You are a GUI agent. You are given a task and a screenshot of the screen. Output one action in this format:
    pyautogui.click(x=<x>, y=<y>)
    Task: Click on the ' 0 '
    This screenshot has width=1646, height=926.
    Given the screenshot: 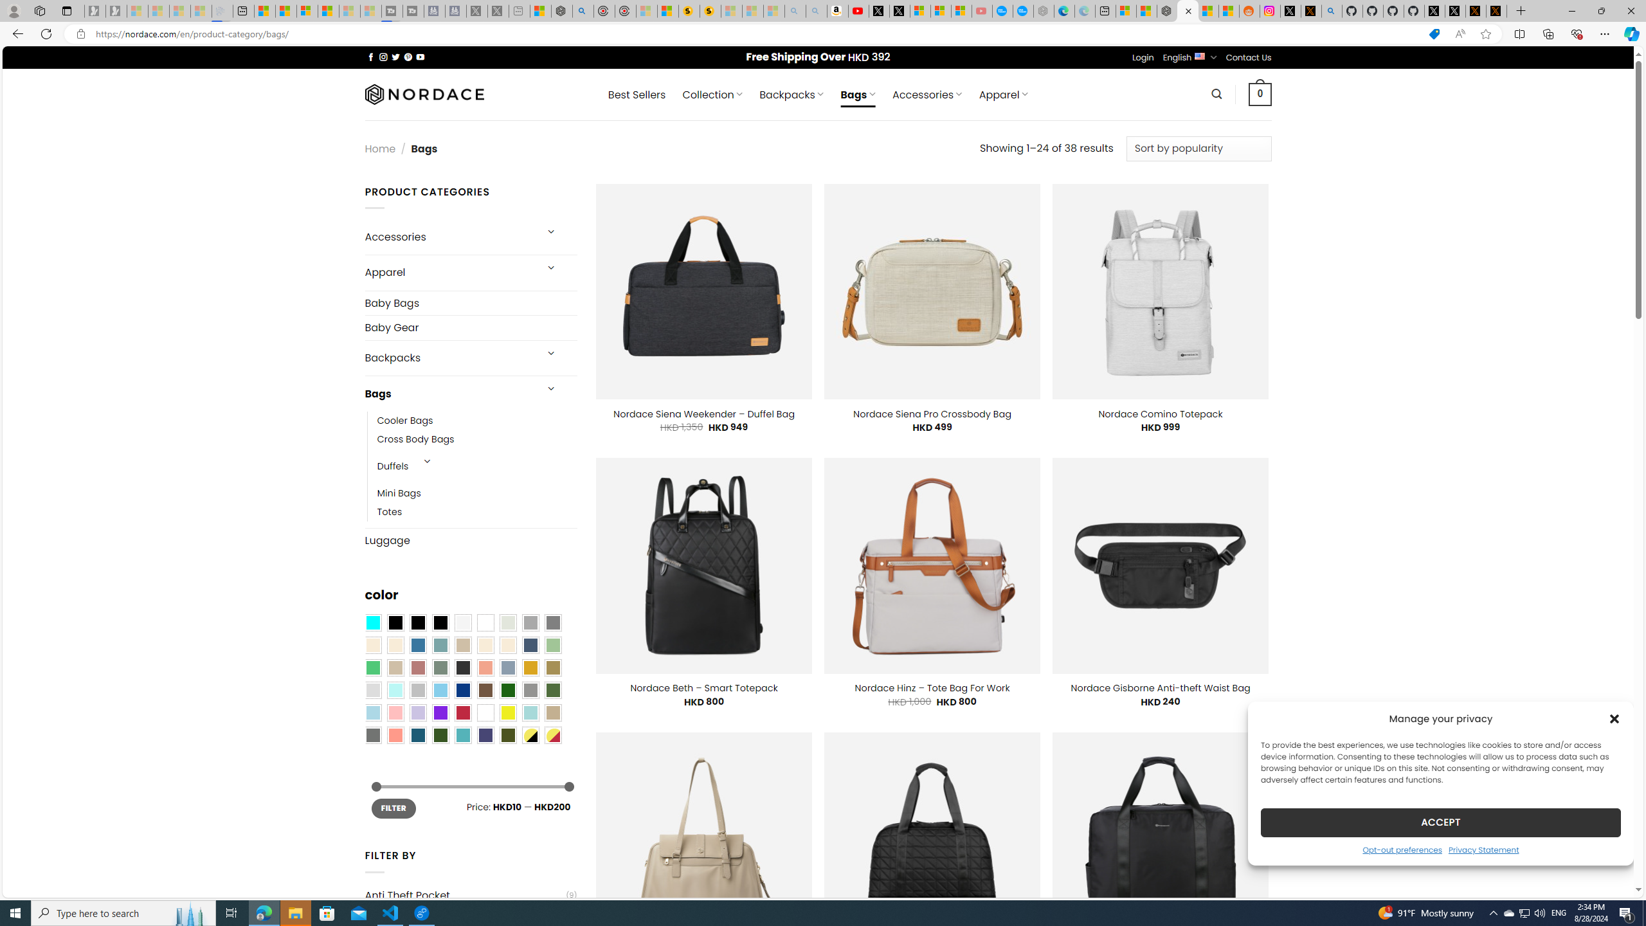 What is the action you would take?
    pyautogui.click(x=1260, y=93)
    